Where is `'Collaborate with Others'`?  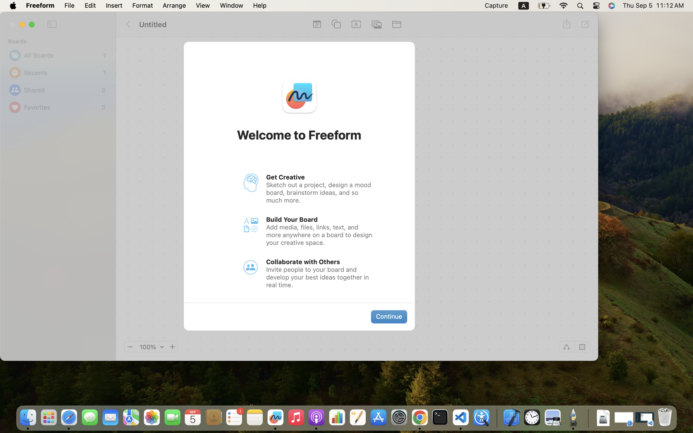 'Collaborate with Others' is located at coordinates (303, 261).